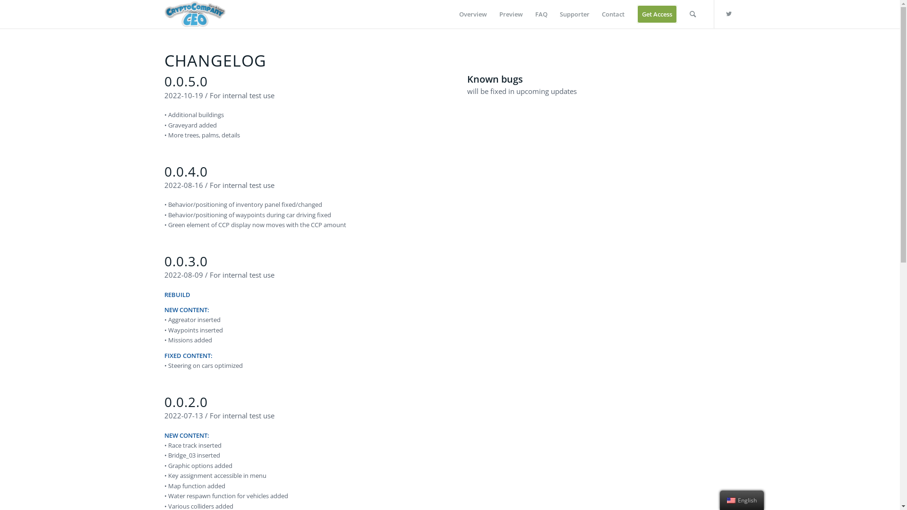 The image size is (907, 510). Describe the element at coordinates (472, 14) in the screenshot. I see `'Overview'` at that location.